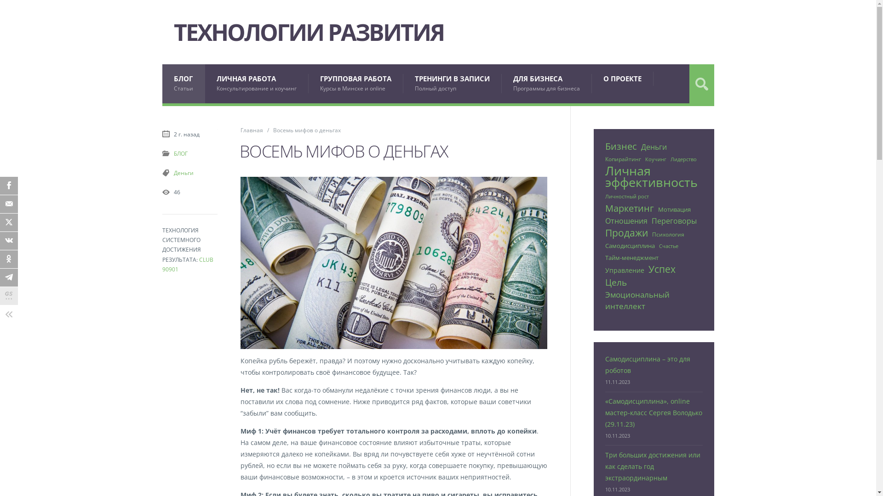 This screenshot has width=883, height=496. I want to click on 'CLUB 90901', so click(161, 264).